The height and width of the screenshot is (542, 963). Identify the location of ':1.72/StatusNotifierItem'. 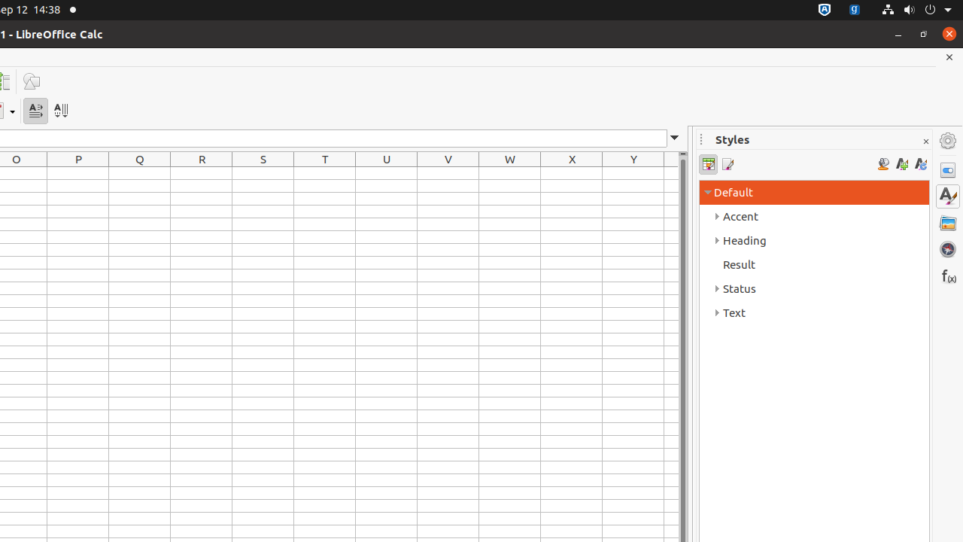
(823, 10).